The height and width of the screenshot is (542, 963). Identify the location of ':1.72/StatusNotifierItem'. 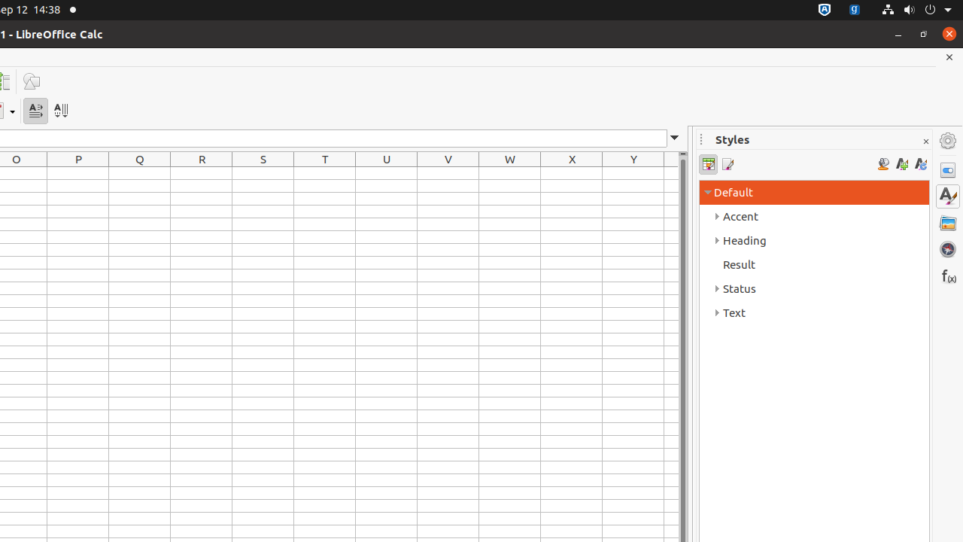
(823, 10).